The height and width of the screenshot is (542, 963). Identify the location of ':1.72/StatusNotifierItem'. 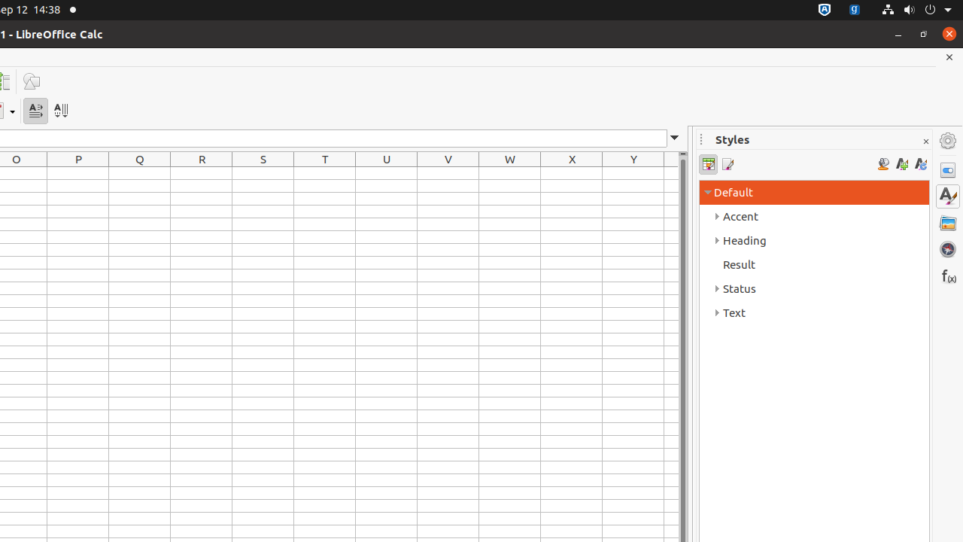
(823, 10).